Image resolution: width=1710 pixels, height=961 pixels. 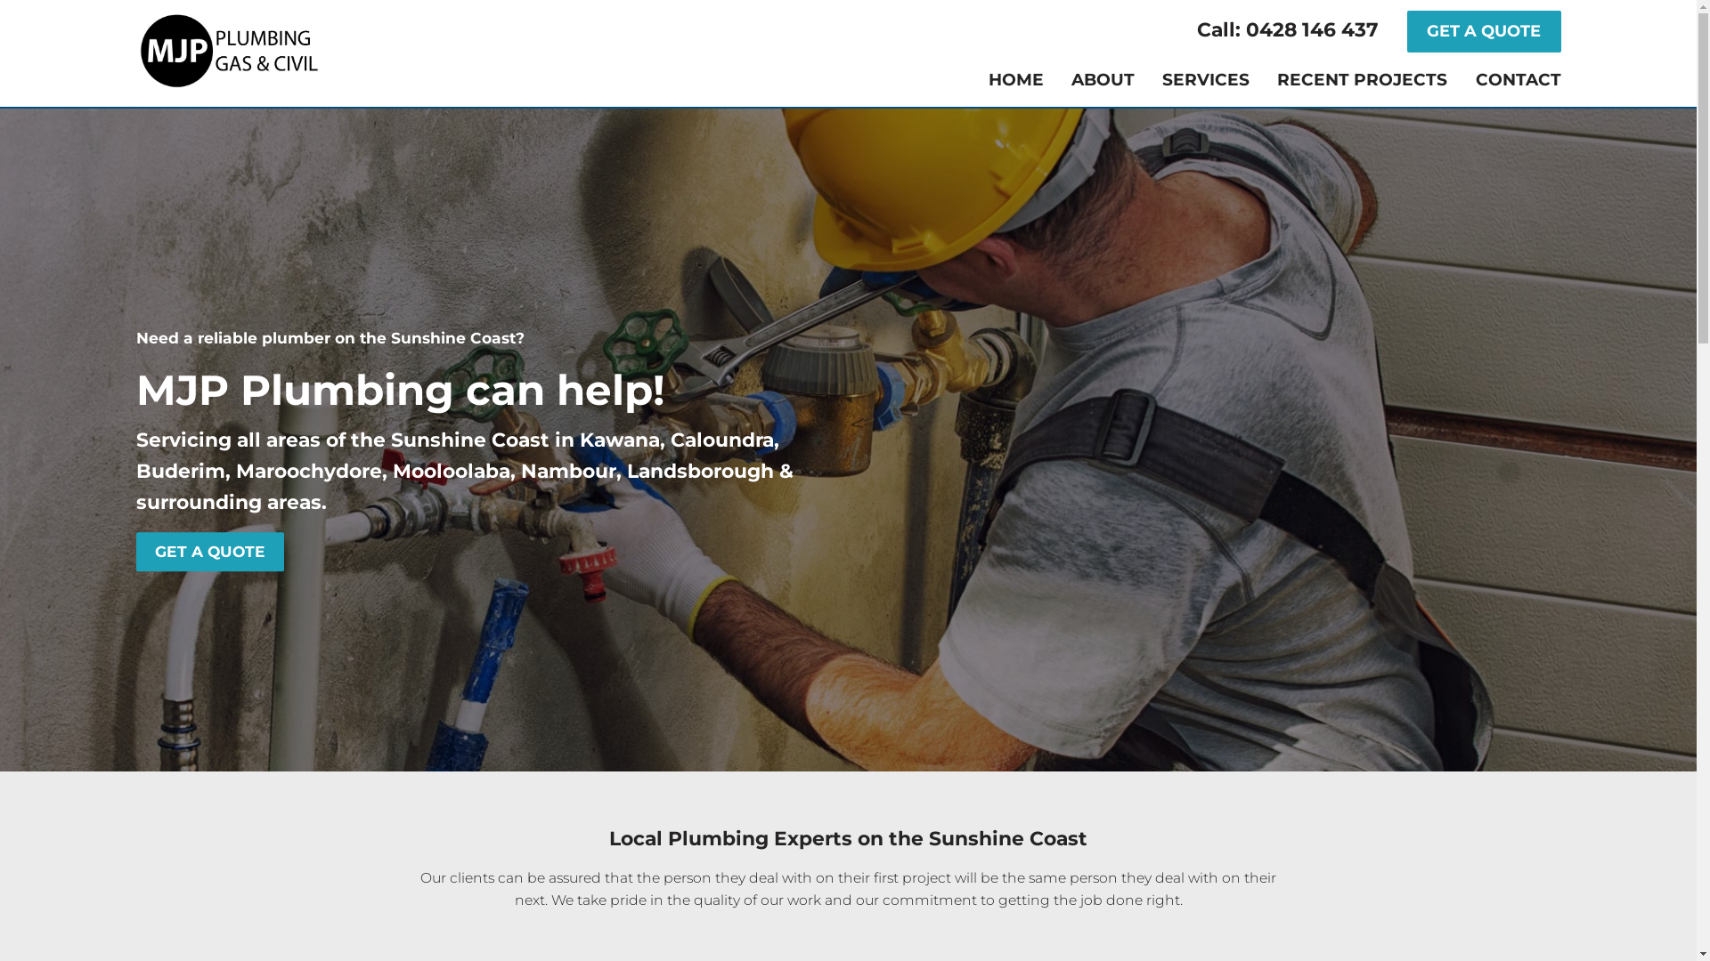 What do you see at coordinates (1102, 80) in the screenshot?
I see `'ABOUT'` at bounding box center [1102, 80].